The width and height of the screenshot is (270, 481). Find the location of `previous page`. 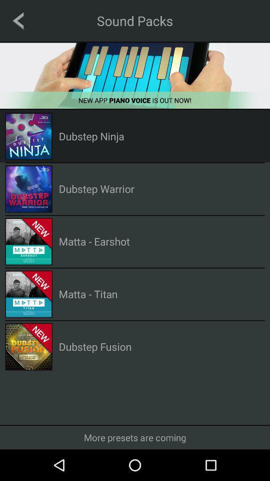

previous page is located at coordinates (18, 20).